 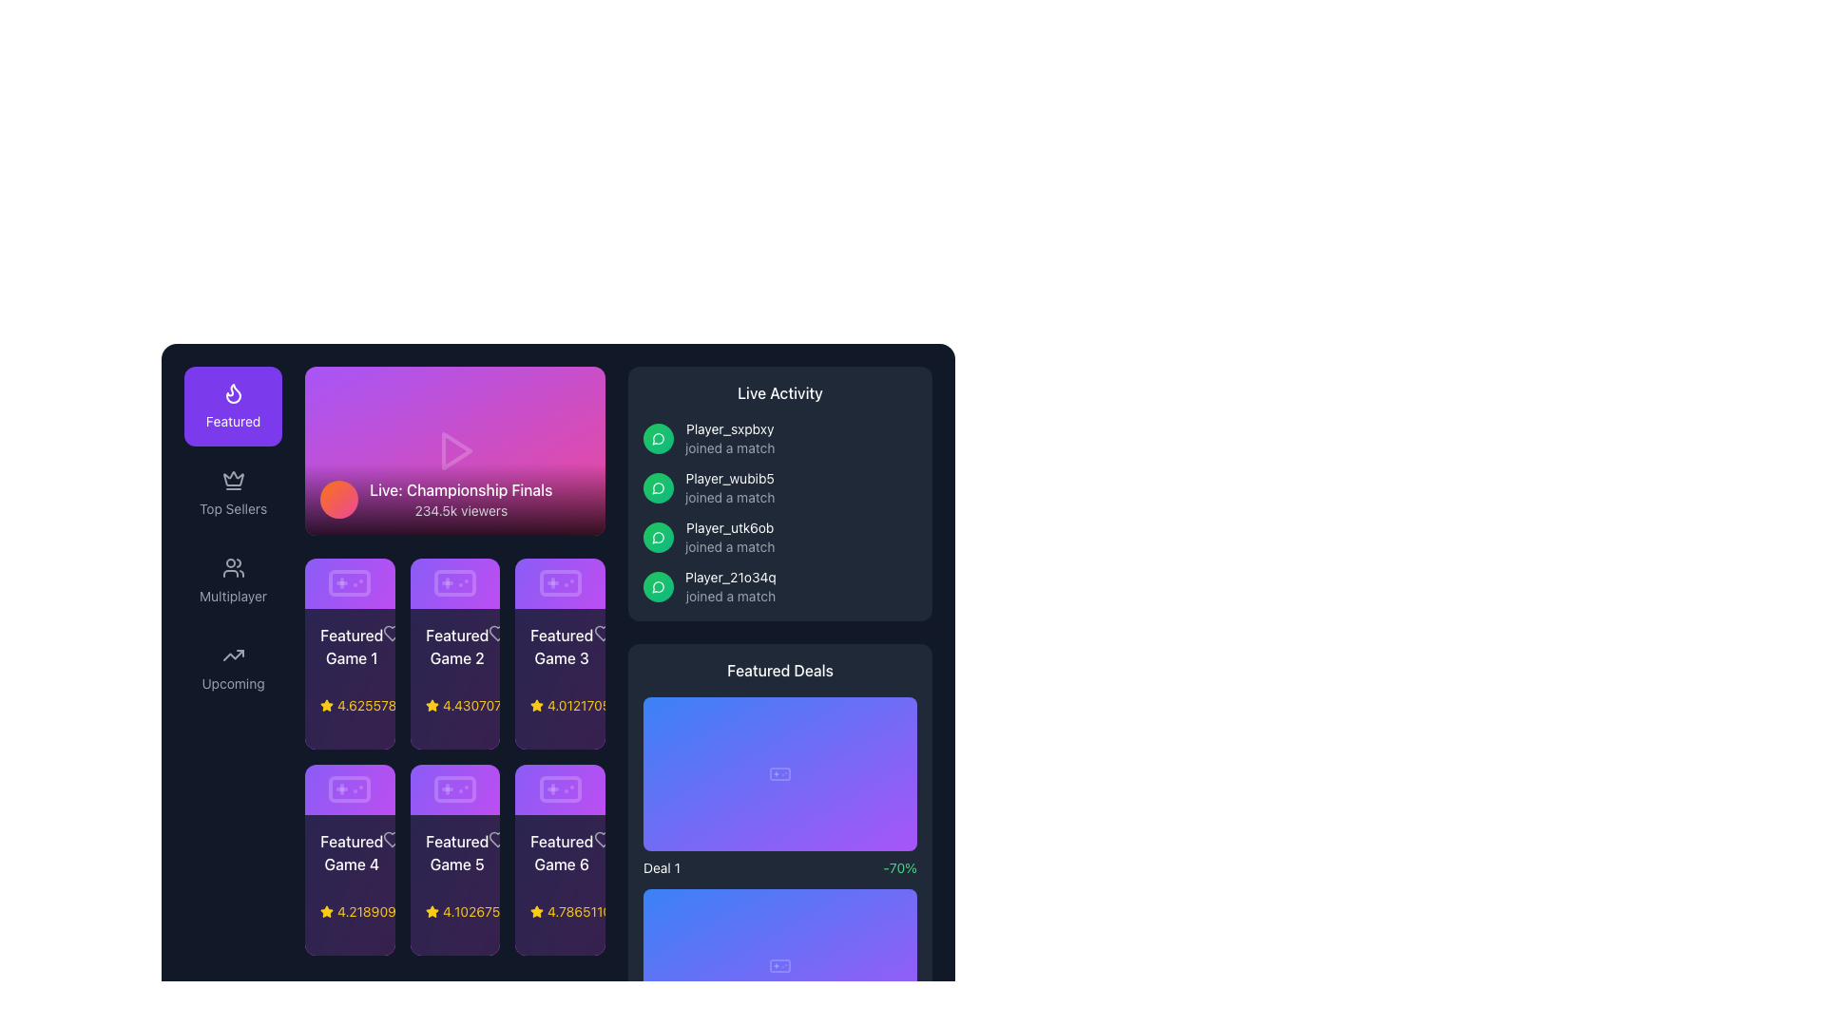 I want to click on the crown icon in the 'Top Sellers' section of the sidebar navigation, which is displayed in grayscale with a line design and located immediately to the left of the main content area, so click(x=232, y=479).